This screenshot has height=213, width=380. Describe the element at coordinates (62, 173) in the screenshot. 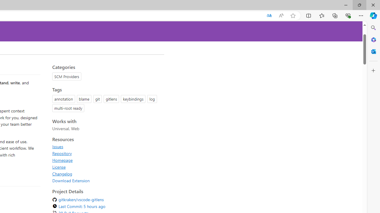

I see `'Changelog'` at that location.